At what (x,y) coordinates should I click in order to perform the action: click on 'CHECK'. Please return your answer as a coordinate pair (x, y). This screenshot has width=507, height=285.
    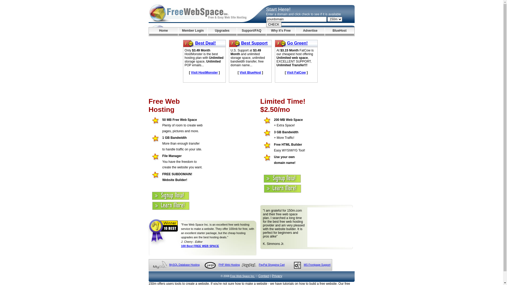
    Looking at the image, I should click on (274, 24).